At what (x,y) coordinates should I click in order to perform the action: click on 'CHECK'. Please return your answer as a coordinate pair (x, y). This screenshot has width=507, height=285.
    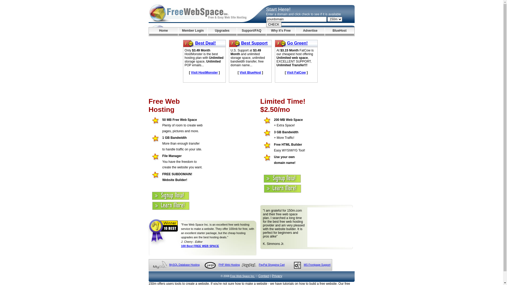
    Looking at the image, I should click on (274, 24).